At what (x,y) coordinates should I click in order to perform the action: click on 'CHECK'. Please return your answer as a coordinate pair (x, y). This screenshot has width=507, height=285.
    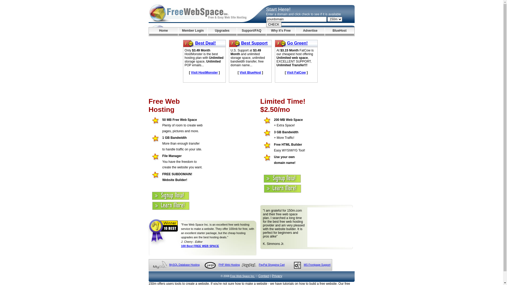
    Looking at the image, I should click on (274, 24).